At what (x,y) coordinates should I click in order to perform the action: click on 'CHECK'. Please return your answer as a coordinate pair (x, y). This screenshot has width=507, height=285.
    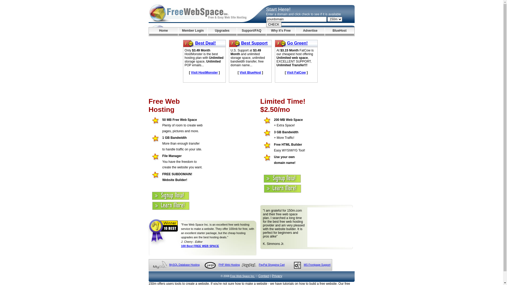
    Looking at the image, I should click on (274, 24).